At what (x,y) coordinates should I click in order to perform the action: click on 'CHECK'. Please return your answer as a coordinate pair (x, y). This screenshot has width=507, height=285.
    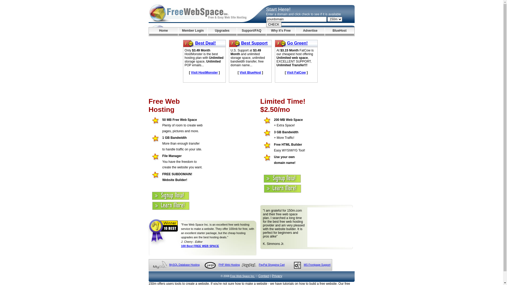
    Looking at the image, I should click on (274, 24).